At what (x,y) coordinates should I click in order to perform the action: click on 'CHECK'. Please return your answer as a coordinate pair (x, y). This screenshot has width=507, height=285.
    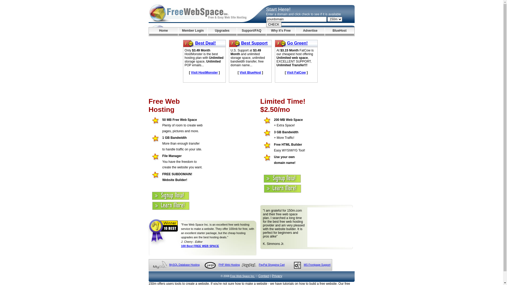
    Looking at the image, I should click on (274, 24).